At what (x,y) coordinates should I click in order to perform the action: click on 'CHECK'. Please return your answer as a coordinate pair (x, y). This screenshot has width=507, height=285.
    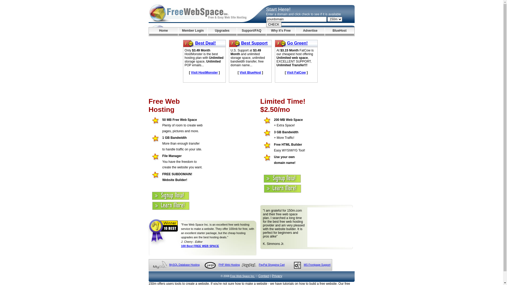
    Looking at the image, I should click on (274, 24).